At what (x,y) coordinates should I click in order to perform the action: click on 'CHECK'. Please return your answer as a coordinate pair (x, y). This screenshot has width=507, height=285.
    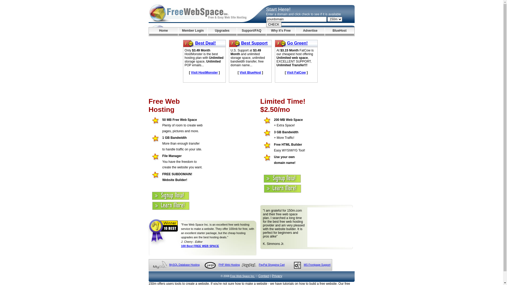
    Looking at the image, I should click on (274, 24).